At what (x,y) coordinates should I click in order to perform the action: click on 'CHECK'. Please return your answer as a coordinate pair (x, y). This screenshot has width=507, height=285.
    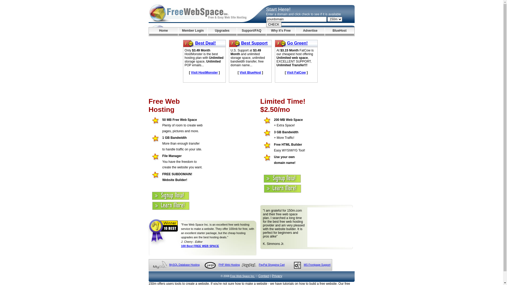
    Looking at the image, I should click on (274, 24).